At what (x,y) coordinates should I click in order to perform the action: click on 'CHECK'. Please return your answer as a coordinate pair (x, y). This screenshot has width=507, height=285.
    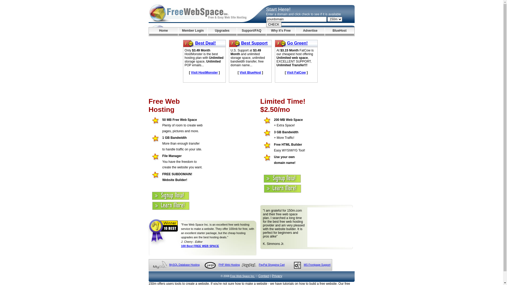
    Looking at the image, I should click on (274, 24).